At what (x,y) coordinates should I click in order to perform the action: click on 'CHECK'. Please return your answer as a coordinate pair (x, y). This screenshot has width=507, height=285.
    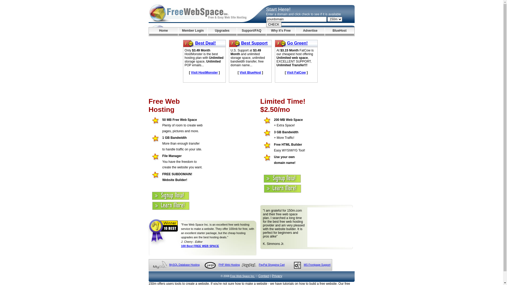
    Looking at the image, I should click on (274, 24).